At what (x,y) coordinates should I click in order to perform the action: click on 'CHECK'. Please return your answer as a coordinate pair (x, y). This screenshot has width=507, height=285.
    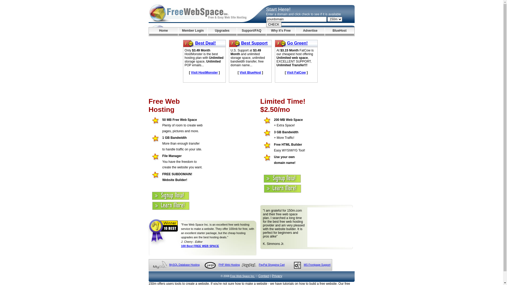
    Looking at the image, I should click on (274, 24).